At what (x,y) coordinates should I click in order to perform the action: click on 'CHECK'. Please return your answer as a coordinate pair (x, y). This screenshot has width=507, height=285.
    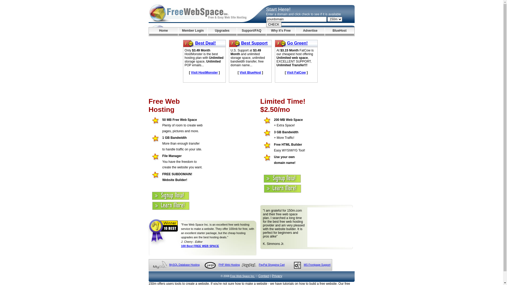
    Looking at the image, I should click on (274, 24).